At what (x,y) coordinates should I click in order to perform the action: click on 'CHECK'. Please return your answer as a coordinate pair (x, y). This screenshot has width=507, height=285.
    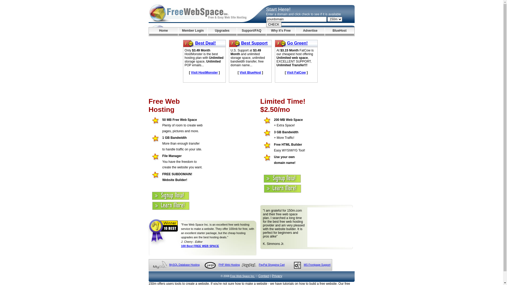
    Looking at the image, I should click on (274, 24).